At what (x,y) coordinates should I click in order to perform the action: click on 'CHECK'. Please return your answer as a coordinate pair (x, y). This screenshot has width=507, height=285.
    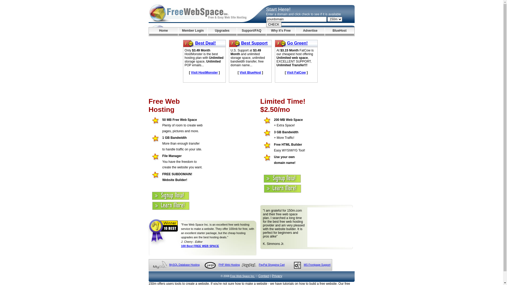
    Looking at the image, I should click on (274, 24).